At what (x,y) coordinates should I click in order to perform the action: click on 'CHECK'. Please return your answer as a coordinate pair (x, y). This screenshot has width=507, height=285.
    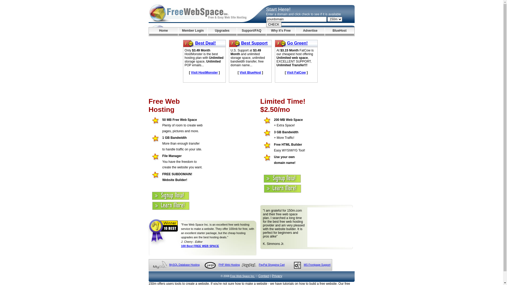
    Looking at the image, I should click on (274, 24).